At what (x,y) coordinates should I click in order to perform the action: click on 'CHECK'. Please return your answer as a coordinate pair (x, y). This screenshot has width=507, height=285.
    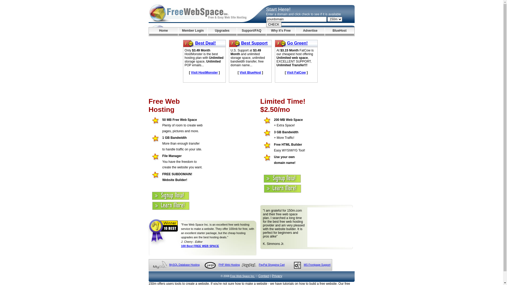
    Looking at the image, I should click on (274, 24).